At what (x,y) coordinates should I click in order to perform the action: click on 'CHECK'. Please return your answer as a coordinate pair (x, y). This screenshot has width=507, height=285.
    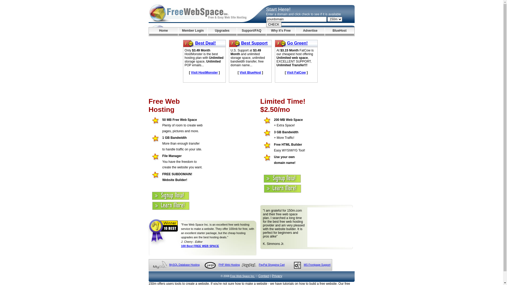
    Looking at the image, I should click on (274, 24).